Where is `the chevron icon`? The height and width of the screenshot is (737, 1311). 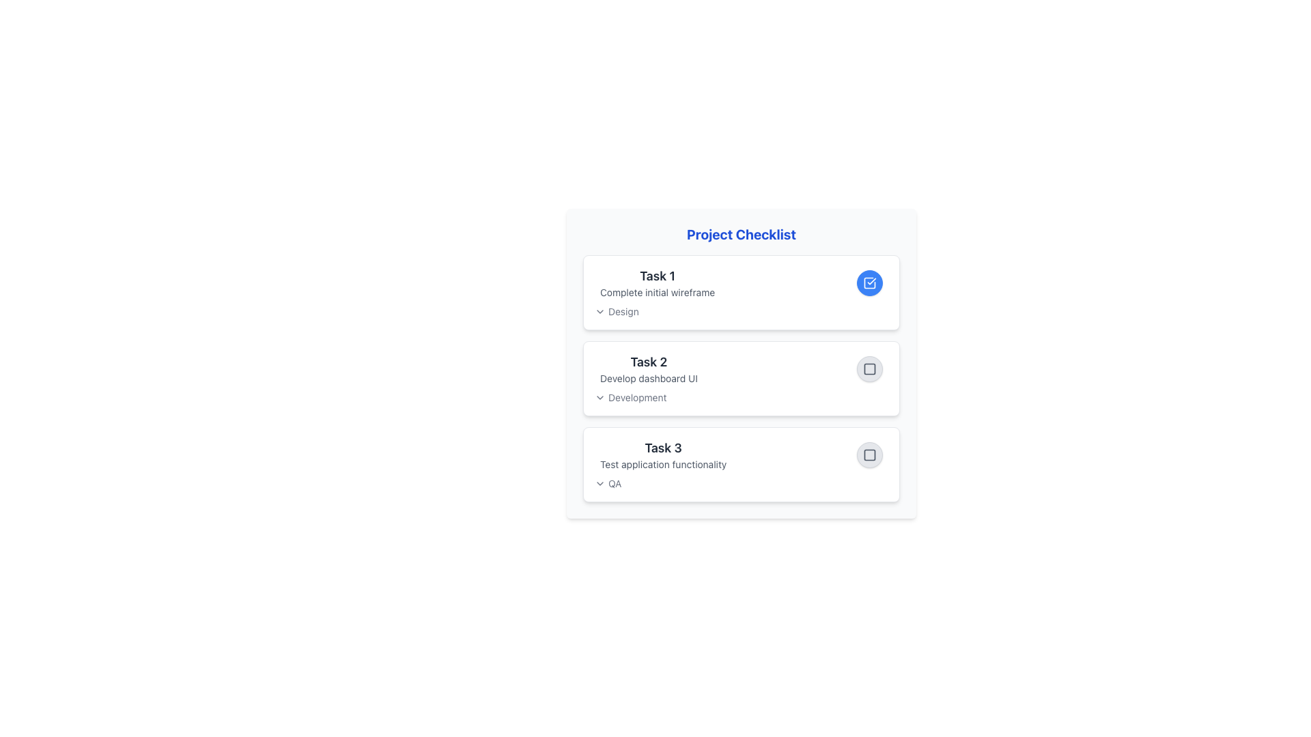 the chevron icon is located at coordinates (600, 311).